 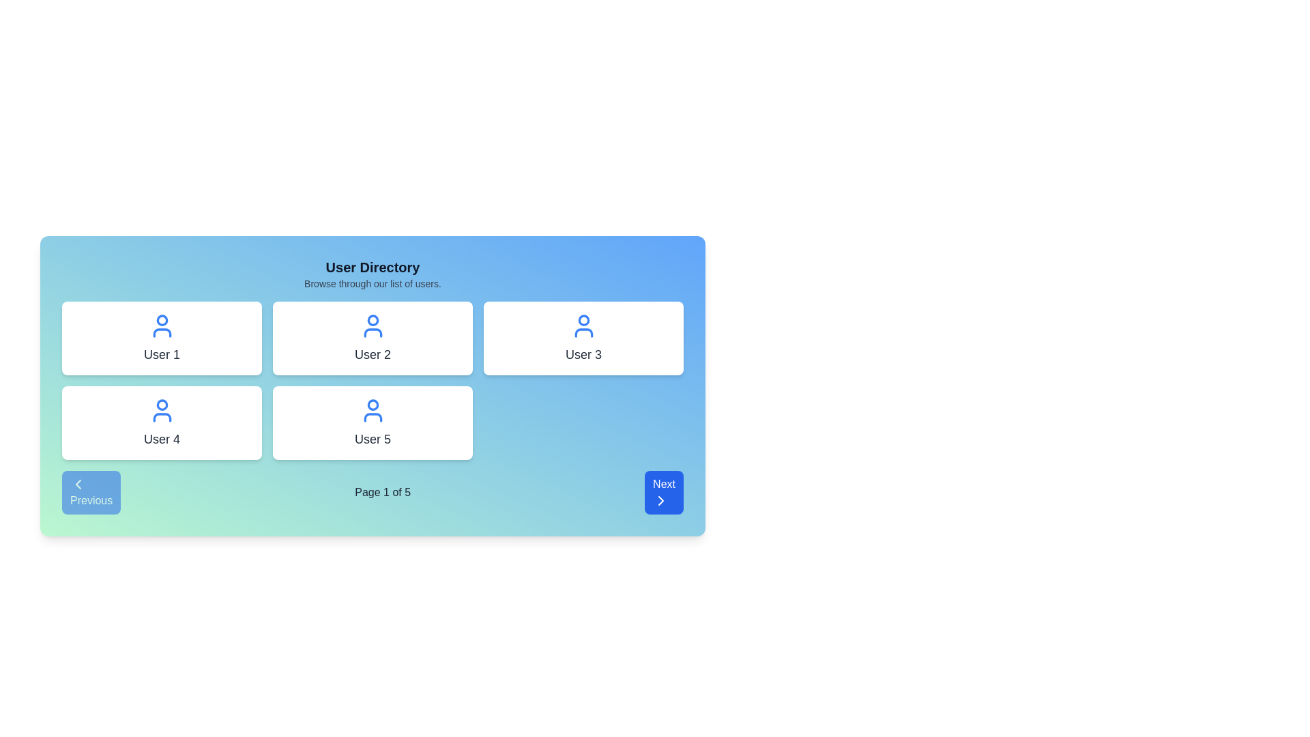 What do you see at coordinates (382, 492) in the screenshot?
I see `the text label that displays the current pagination status, located in the footer between the 'Previous' and 'Next' buttons` at bounding box center [382, 492].